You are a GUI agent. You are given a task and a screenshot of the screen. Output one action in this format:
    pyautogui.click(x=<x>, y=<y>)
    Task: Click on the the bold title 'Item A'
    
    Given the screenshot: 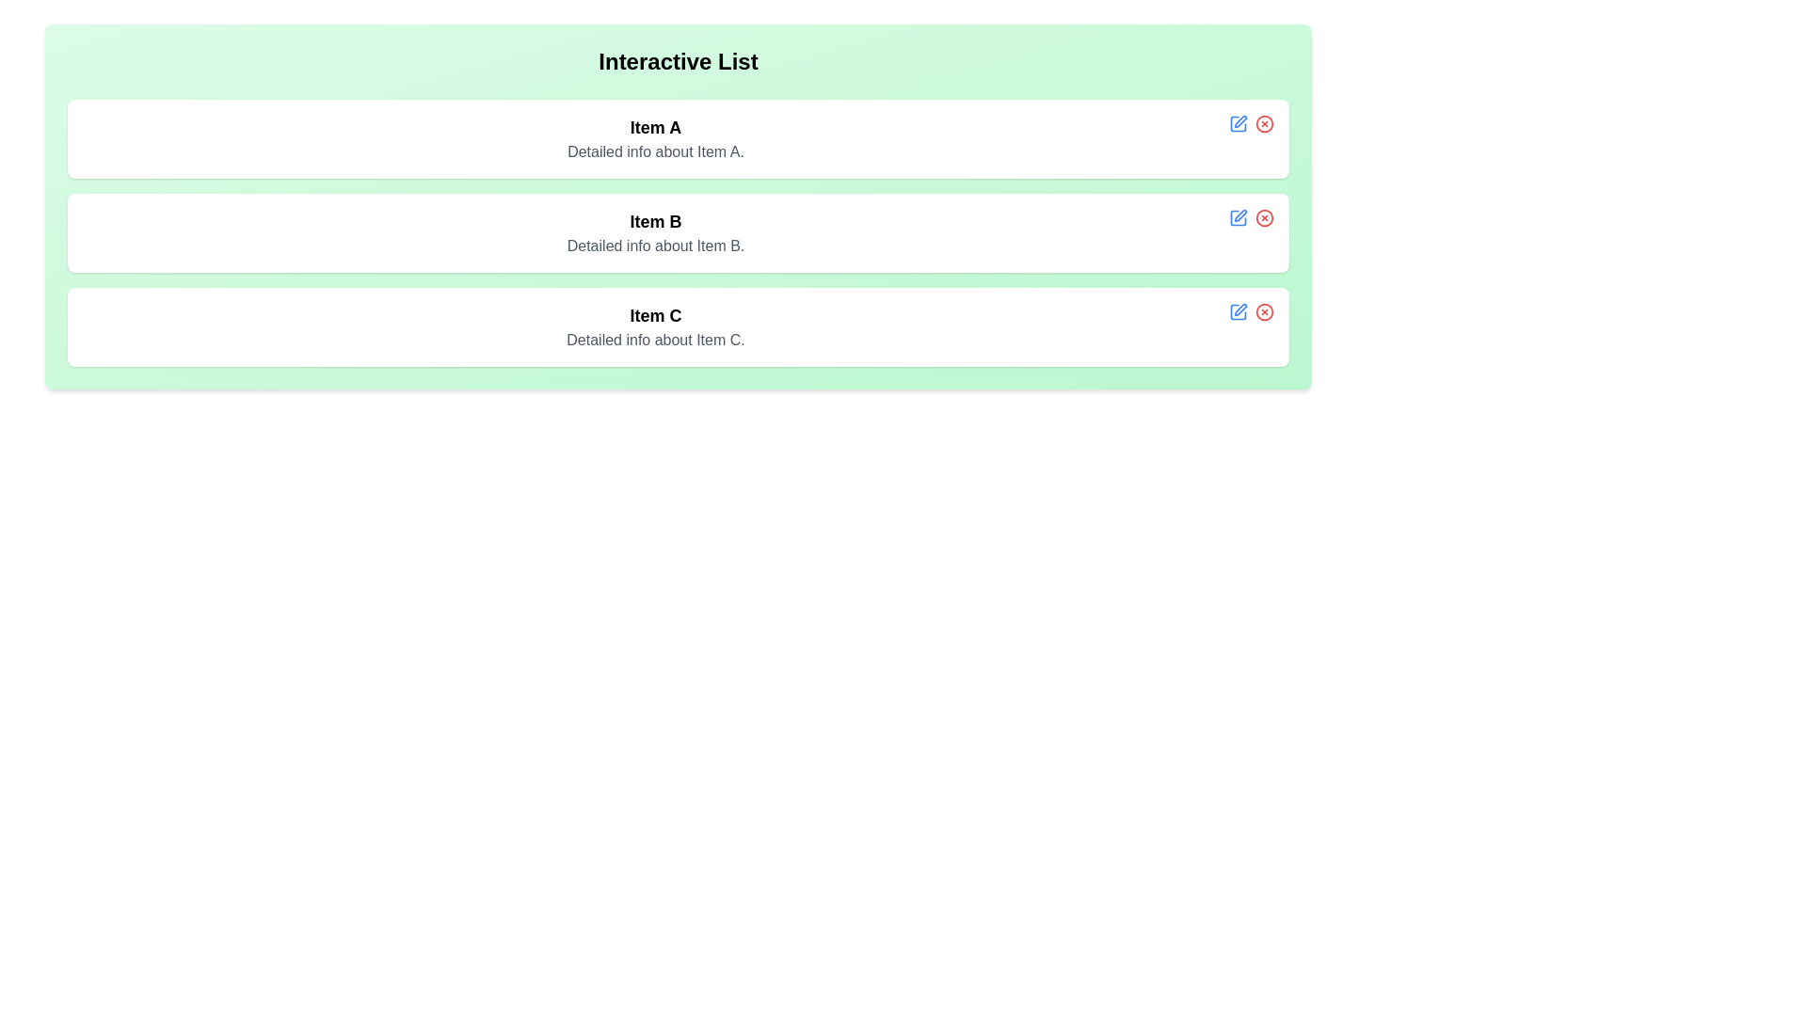 What is the action you would take?
    pyautogui.click(x=655, y=137)
    